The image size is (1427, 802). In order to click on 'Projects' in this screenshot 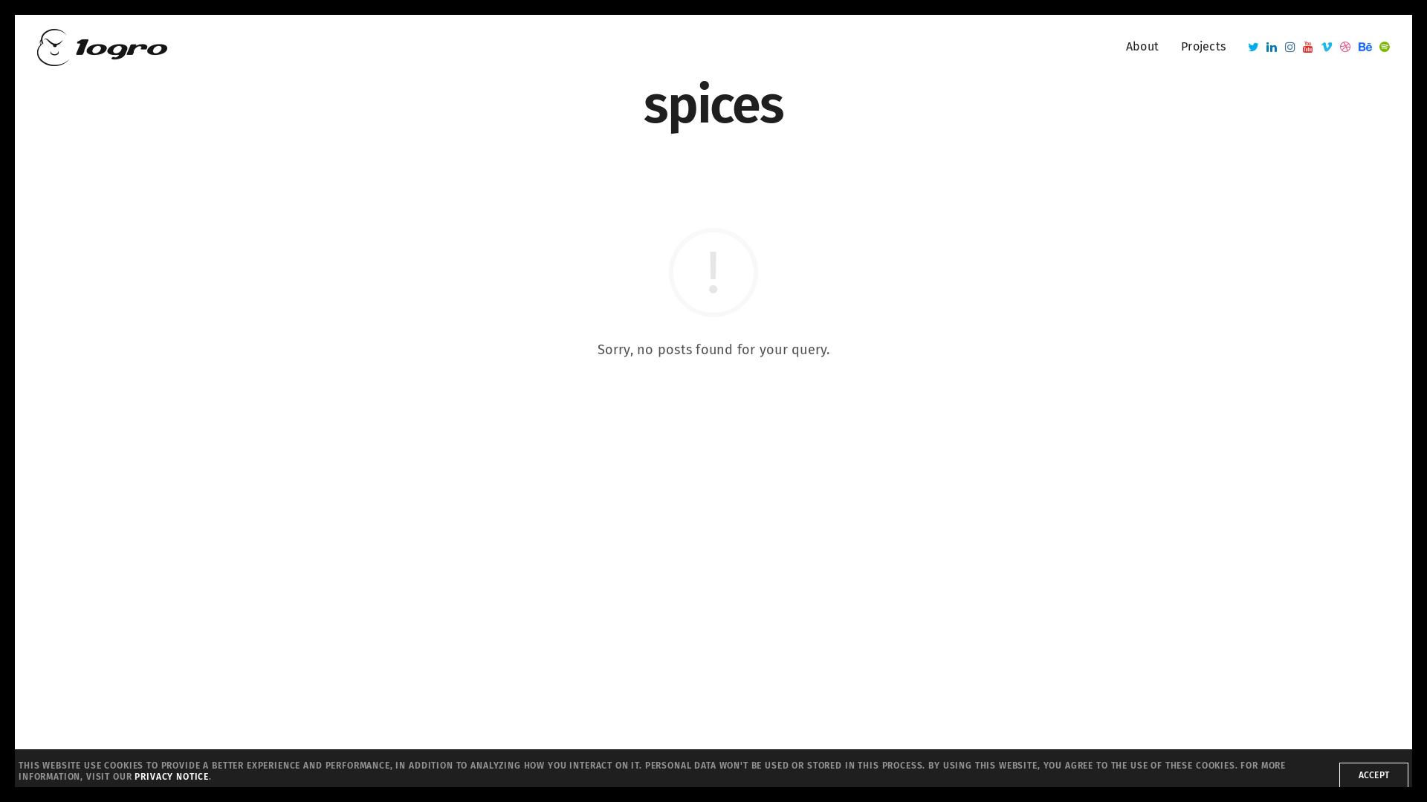, I will do `click(1203, 46)`.